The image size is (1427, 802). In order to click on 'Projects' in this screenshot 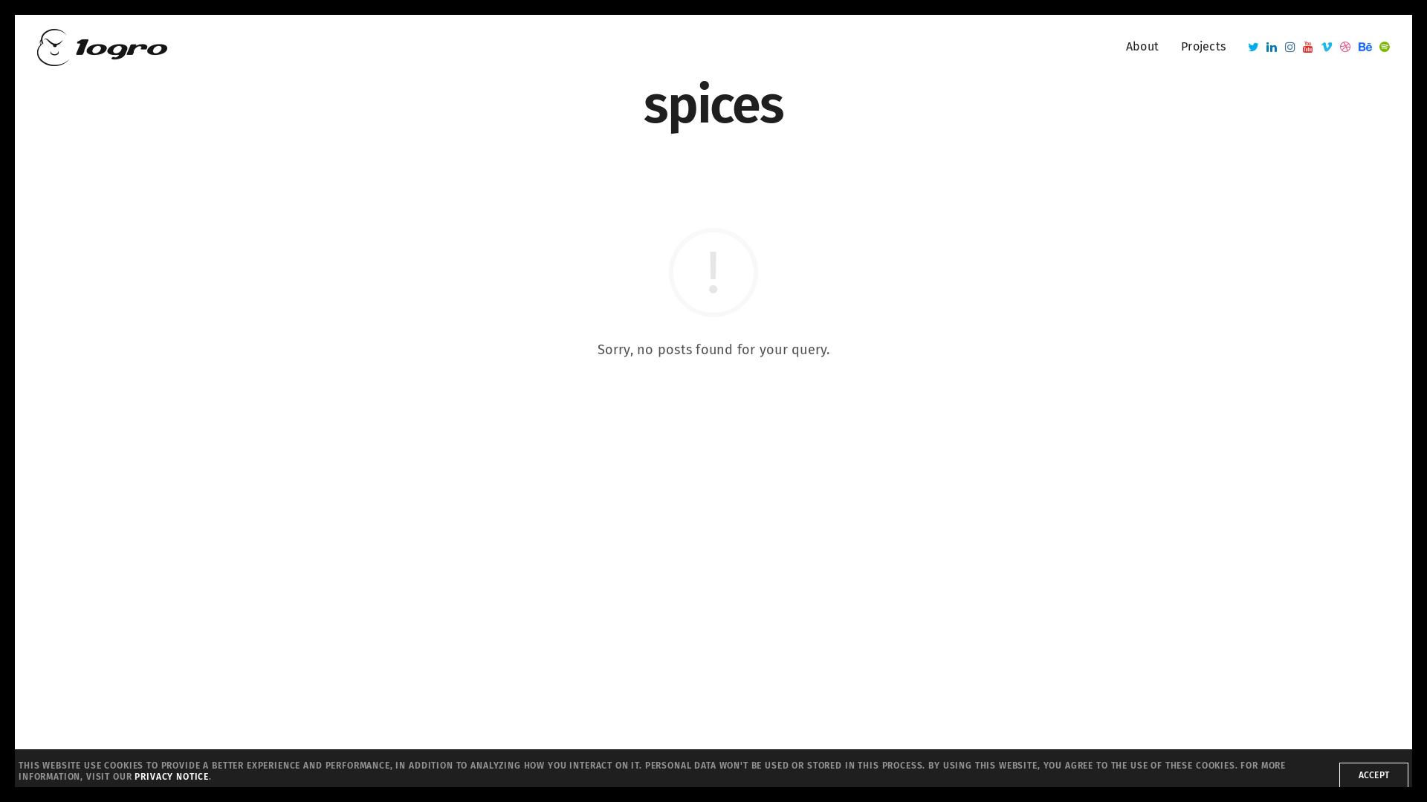, I will do `click(1203, 46)`.